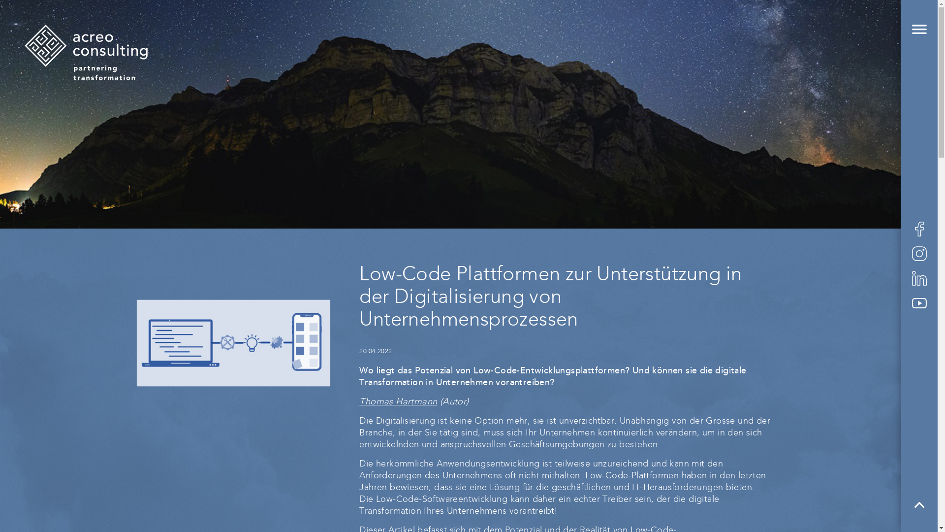  Describe the element at coordinates (911, 302) in the screenshot. I see `'acreo consulting bei YouTube'` at that location.